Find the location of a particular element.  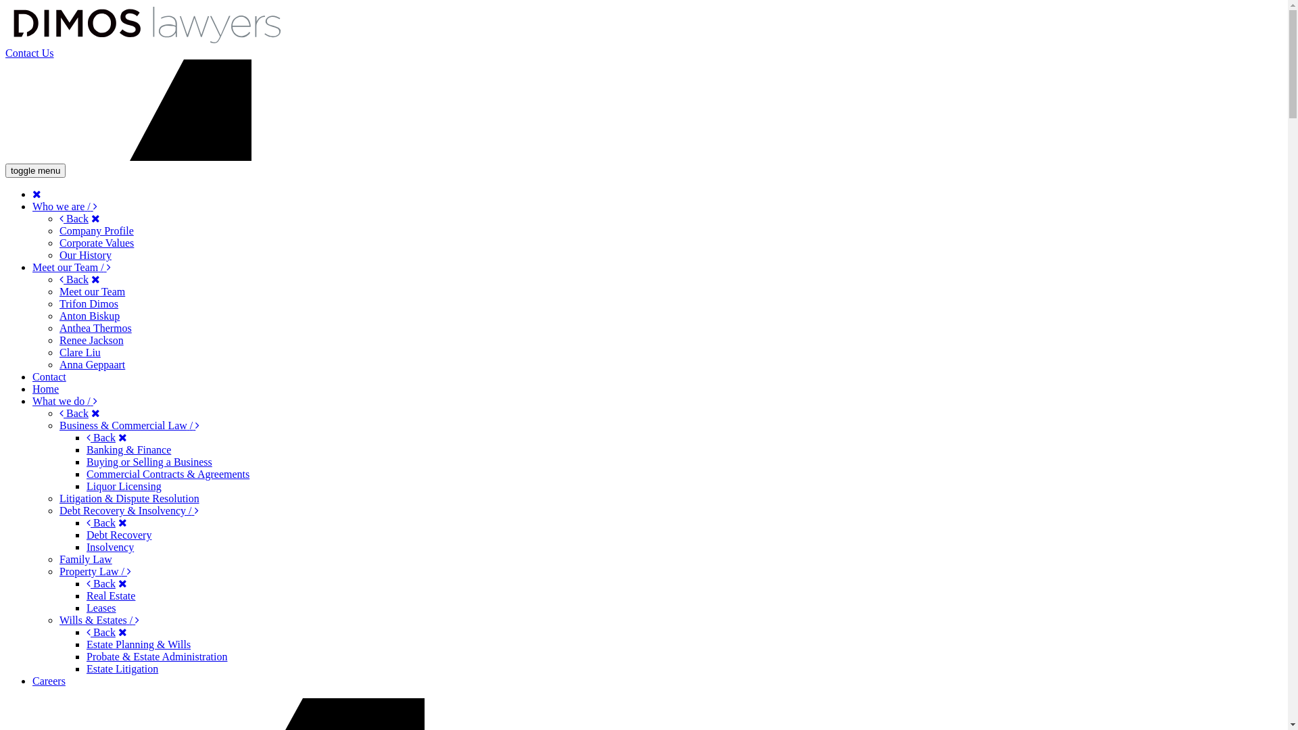

'toggle menu' is located at coordinates (35, 170).